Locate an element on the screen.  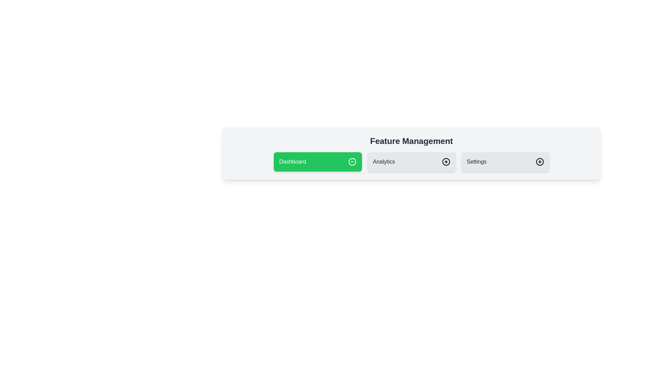
the circular minus icon within the green 'Dashboard' button is located at coordinates (352, 162).